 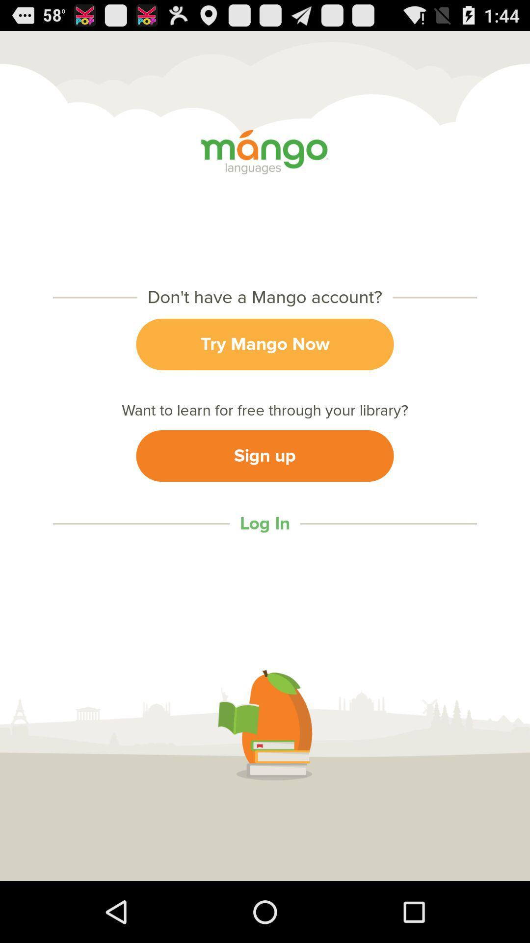 What do you see at coordinates (265, 455) in the screenshot?
I see `icon above the log in item` at bounding box center [265, 455].